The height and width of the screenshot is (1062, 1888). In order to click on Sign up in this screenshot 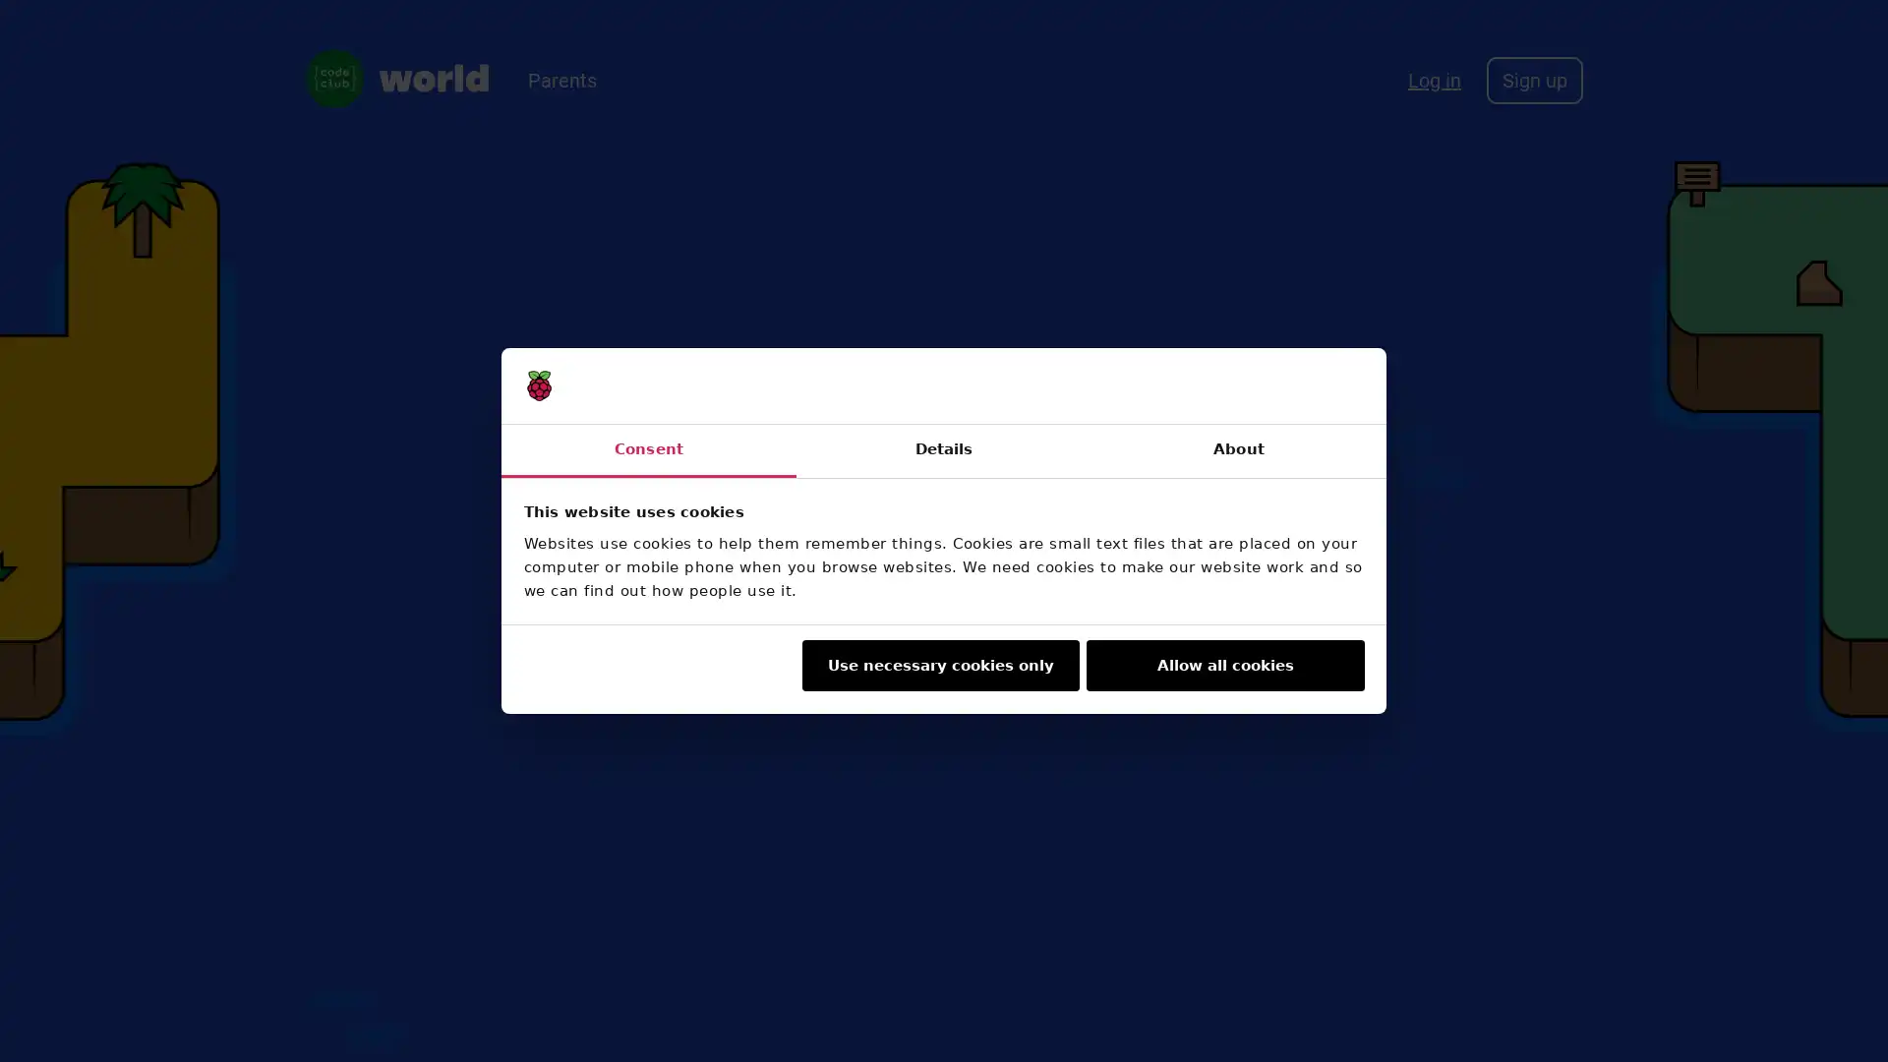, I will do `click(1533, 79)`.